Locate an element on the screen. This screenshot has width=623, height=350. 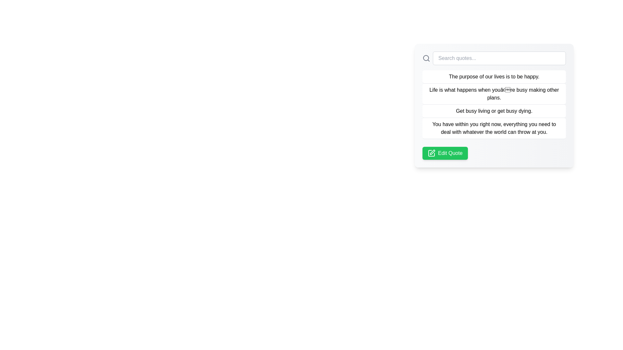
the search icon resembling a magnifying glass, located to the left of the text input field with the placeholder 'Search quotes...' to invoke the associated search function is located at coordinates (426, 58).